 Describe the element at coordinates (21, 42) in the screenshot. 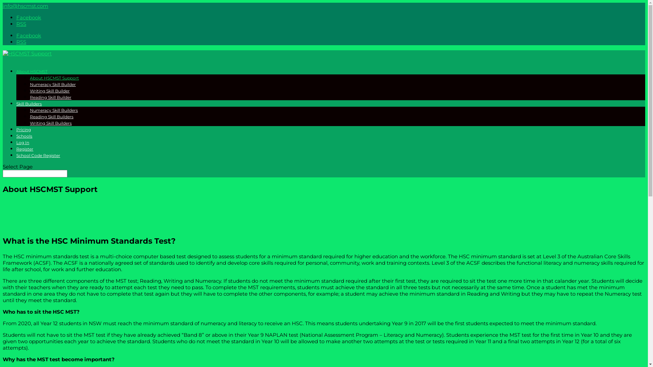

I see `'RSS'` at that location.